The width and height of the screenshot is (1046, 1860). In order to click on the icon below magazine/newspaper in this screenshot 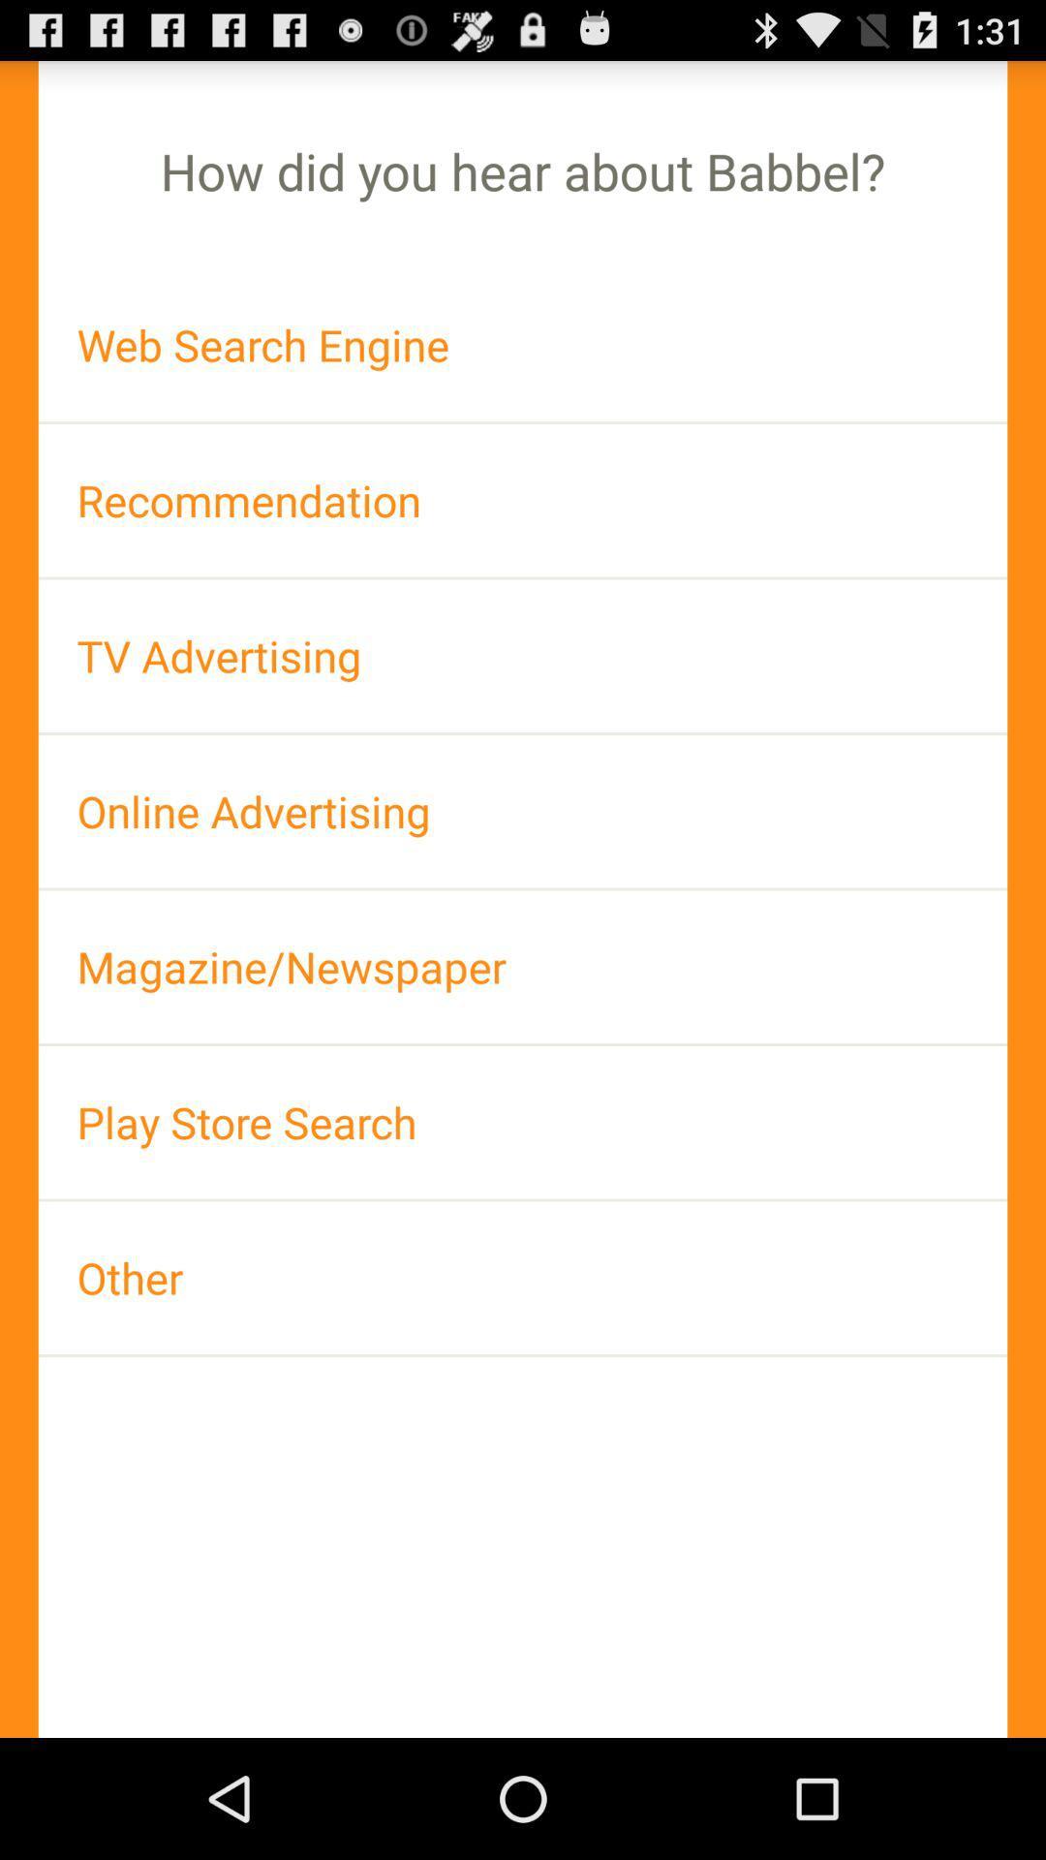, I will do `click(523, 1122)`.